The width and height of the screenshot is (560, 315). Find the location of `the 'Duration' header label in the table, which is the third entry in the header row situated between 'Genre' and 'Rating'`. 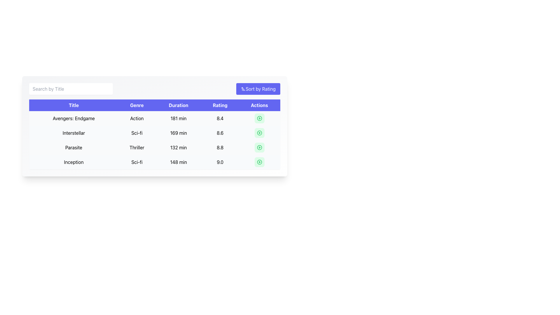

the 'Duration' header label in the table, which is the third entry in the header row situated between 'Genre' and 'Rating' is located at coordinates (178, 105).